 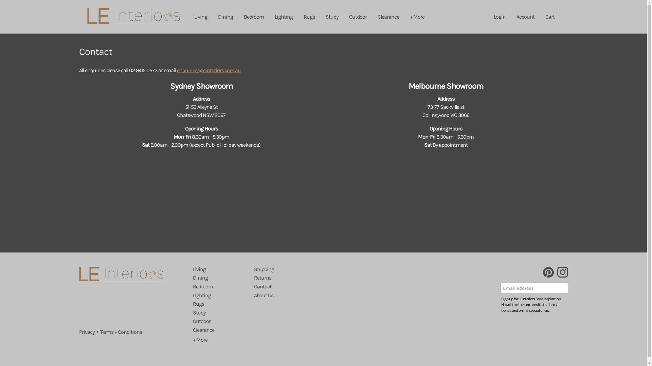 What do you see at coordinates (416, 16) in the screenshot?
I see `'+ More'` at bounding box center [416, 16].